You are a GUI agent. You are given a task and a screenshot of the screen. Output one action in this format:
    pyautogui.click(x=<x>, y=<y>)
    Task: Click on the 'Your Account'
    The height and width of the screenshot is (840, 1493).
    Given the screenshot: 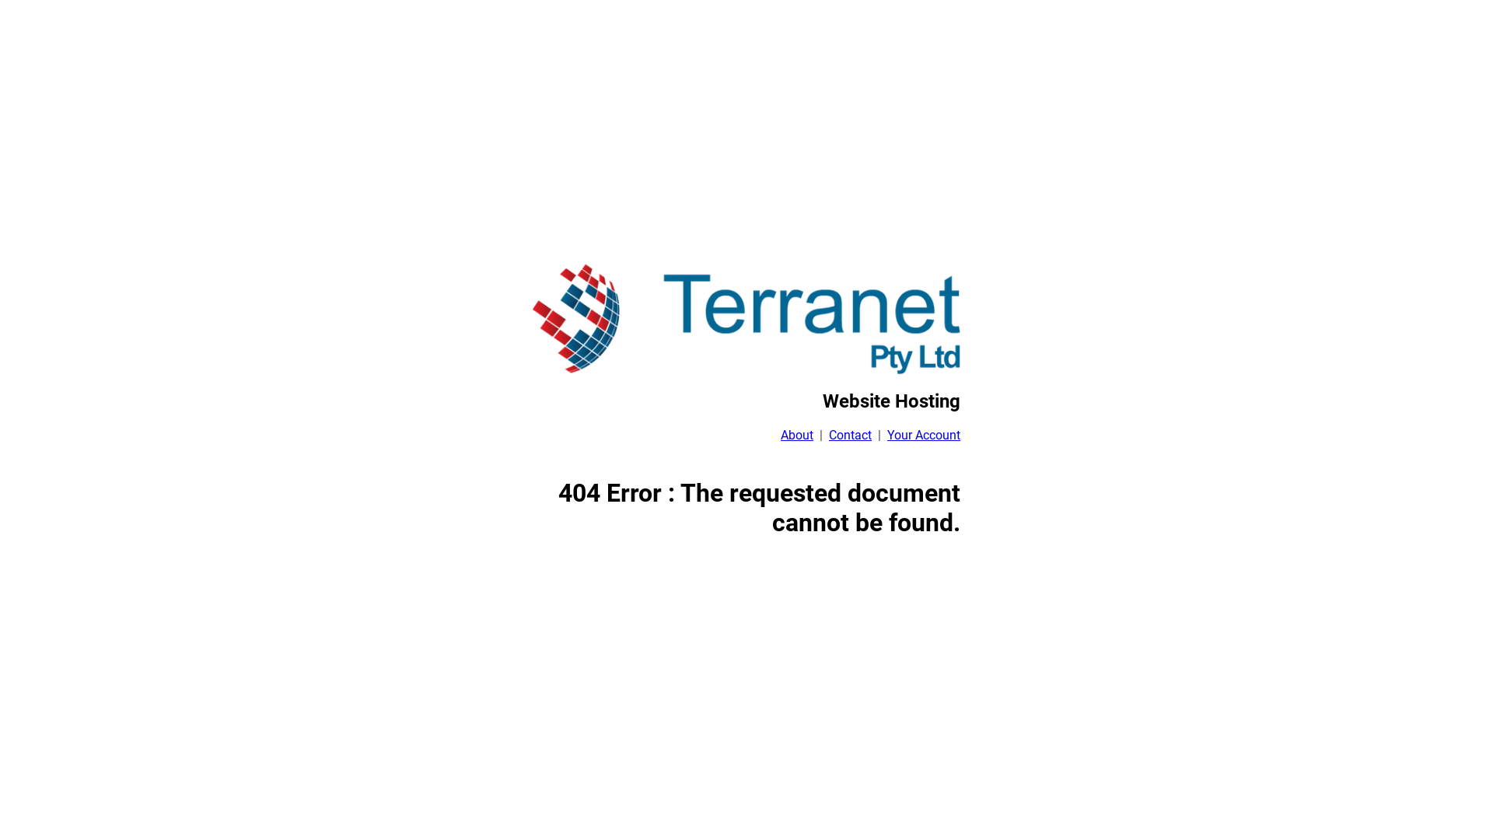 What is the action you would take?
    pyautogui.click(x=923, y=435)
    